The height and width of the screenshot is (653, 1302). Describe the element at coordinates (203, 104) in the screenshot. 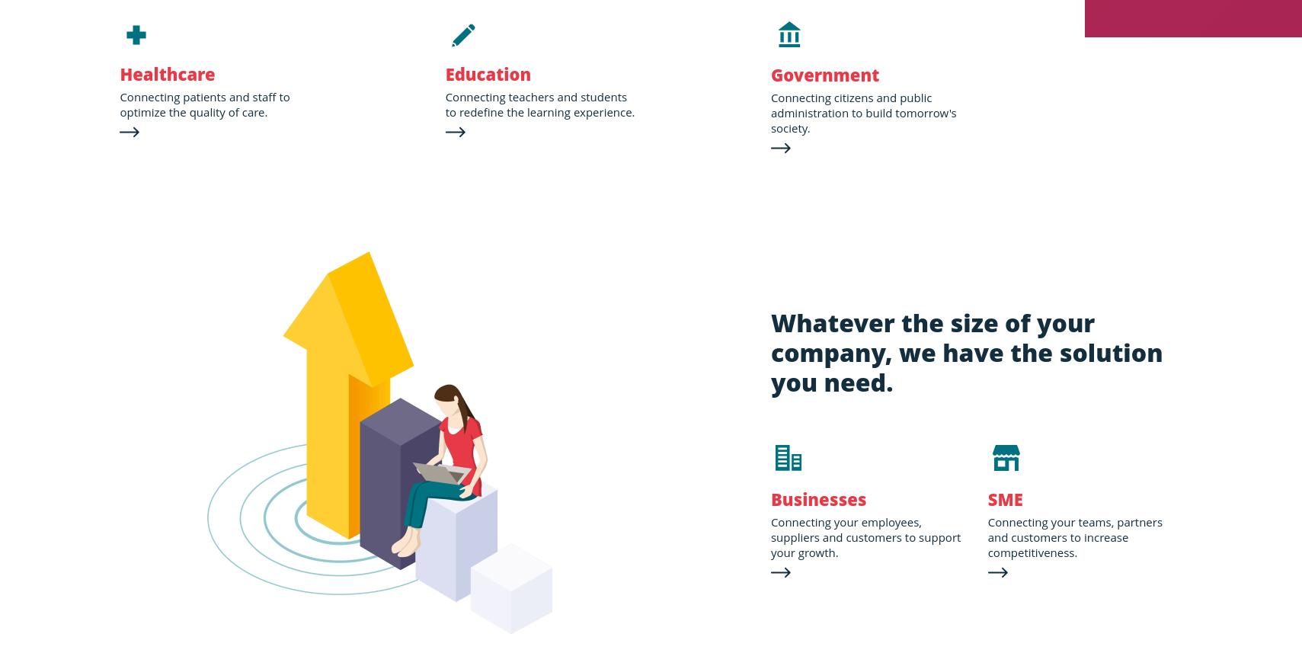

I see `'Connecting patients and staff to optimize the quality of care.'` at that location.